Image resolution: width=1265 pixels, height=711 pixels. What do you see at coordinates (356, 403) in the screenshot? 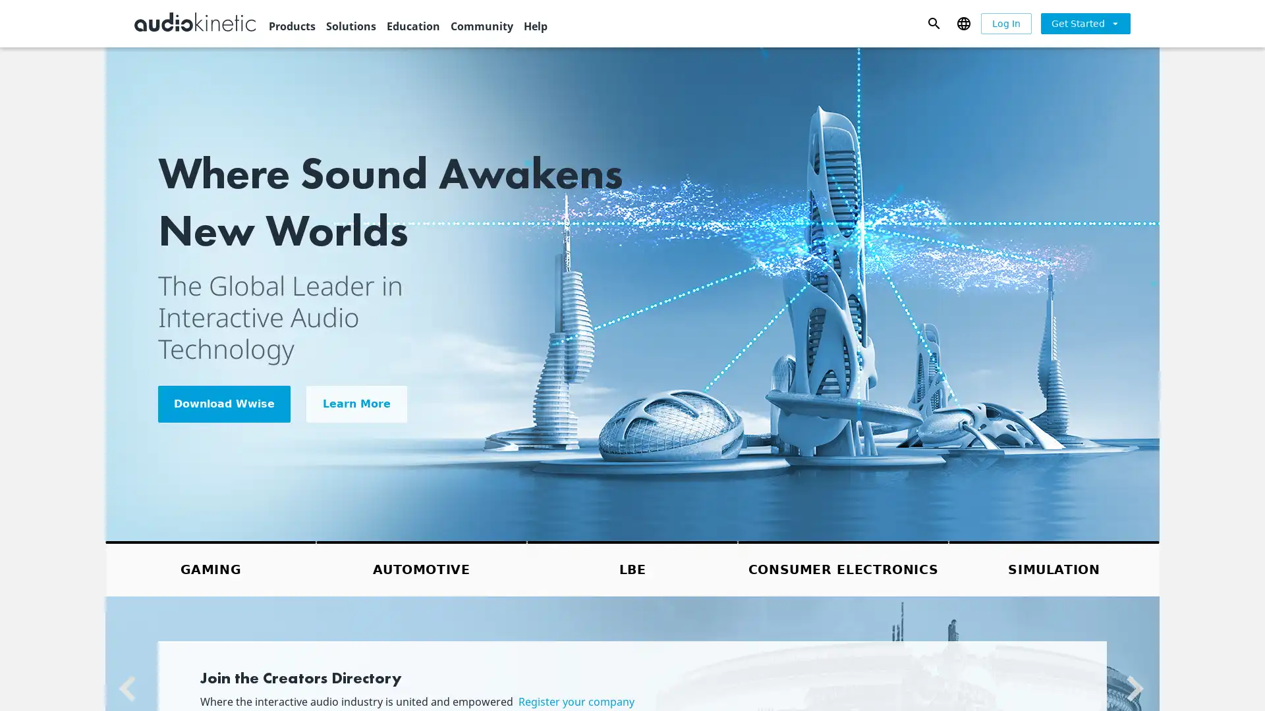
I see `Learn More` at bounding box center [356, 403].